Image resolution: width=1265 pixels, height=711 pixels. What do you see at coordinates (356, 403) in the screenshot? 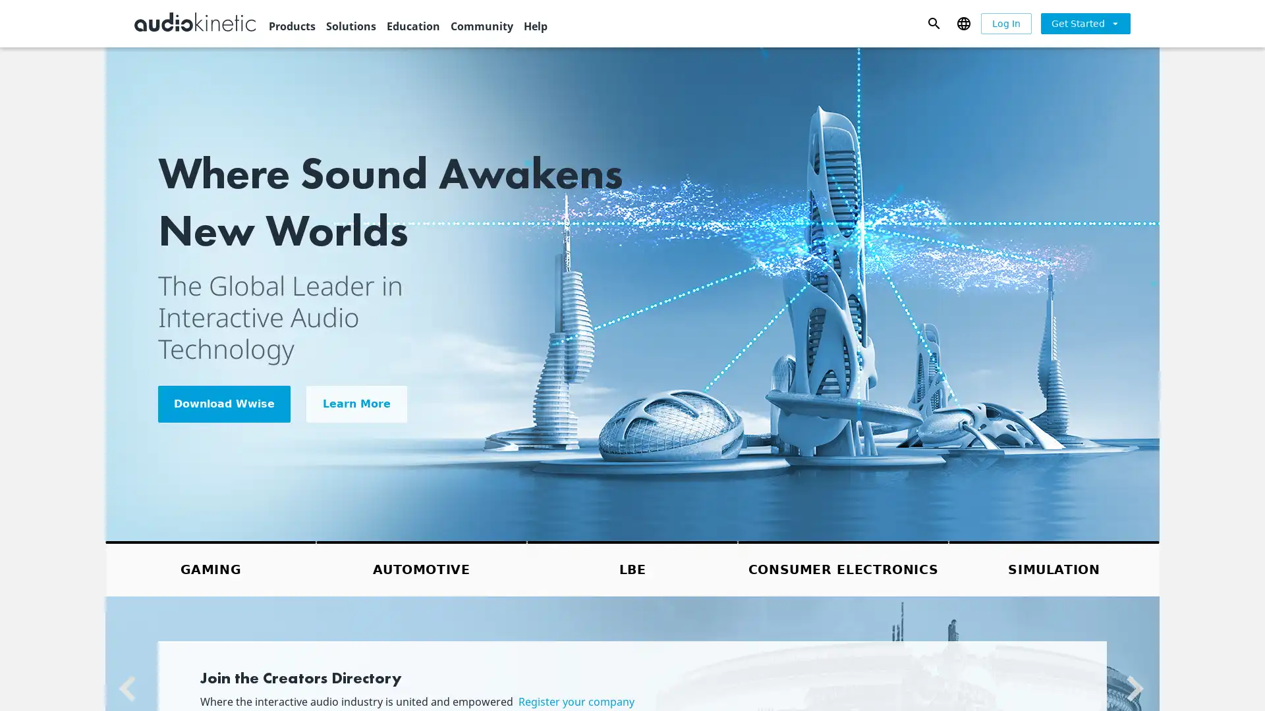
I see `Learn More` at bounding box center [356, 403].